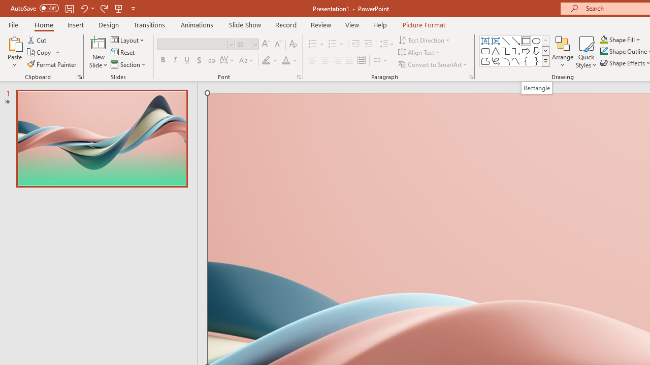  I want to click on 'Shape Fill Orange, Accent 2', so click(604, 39).